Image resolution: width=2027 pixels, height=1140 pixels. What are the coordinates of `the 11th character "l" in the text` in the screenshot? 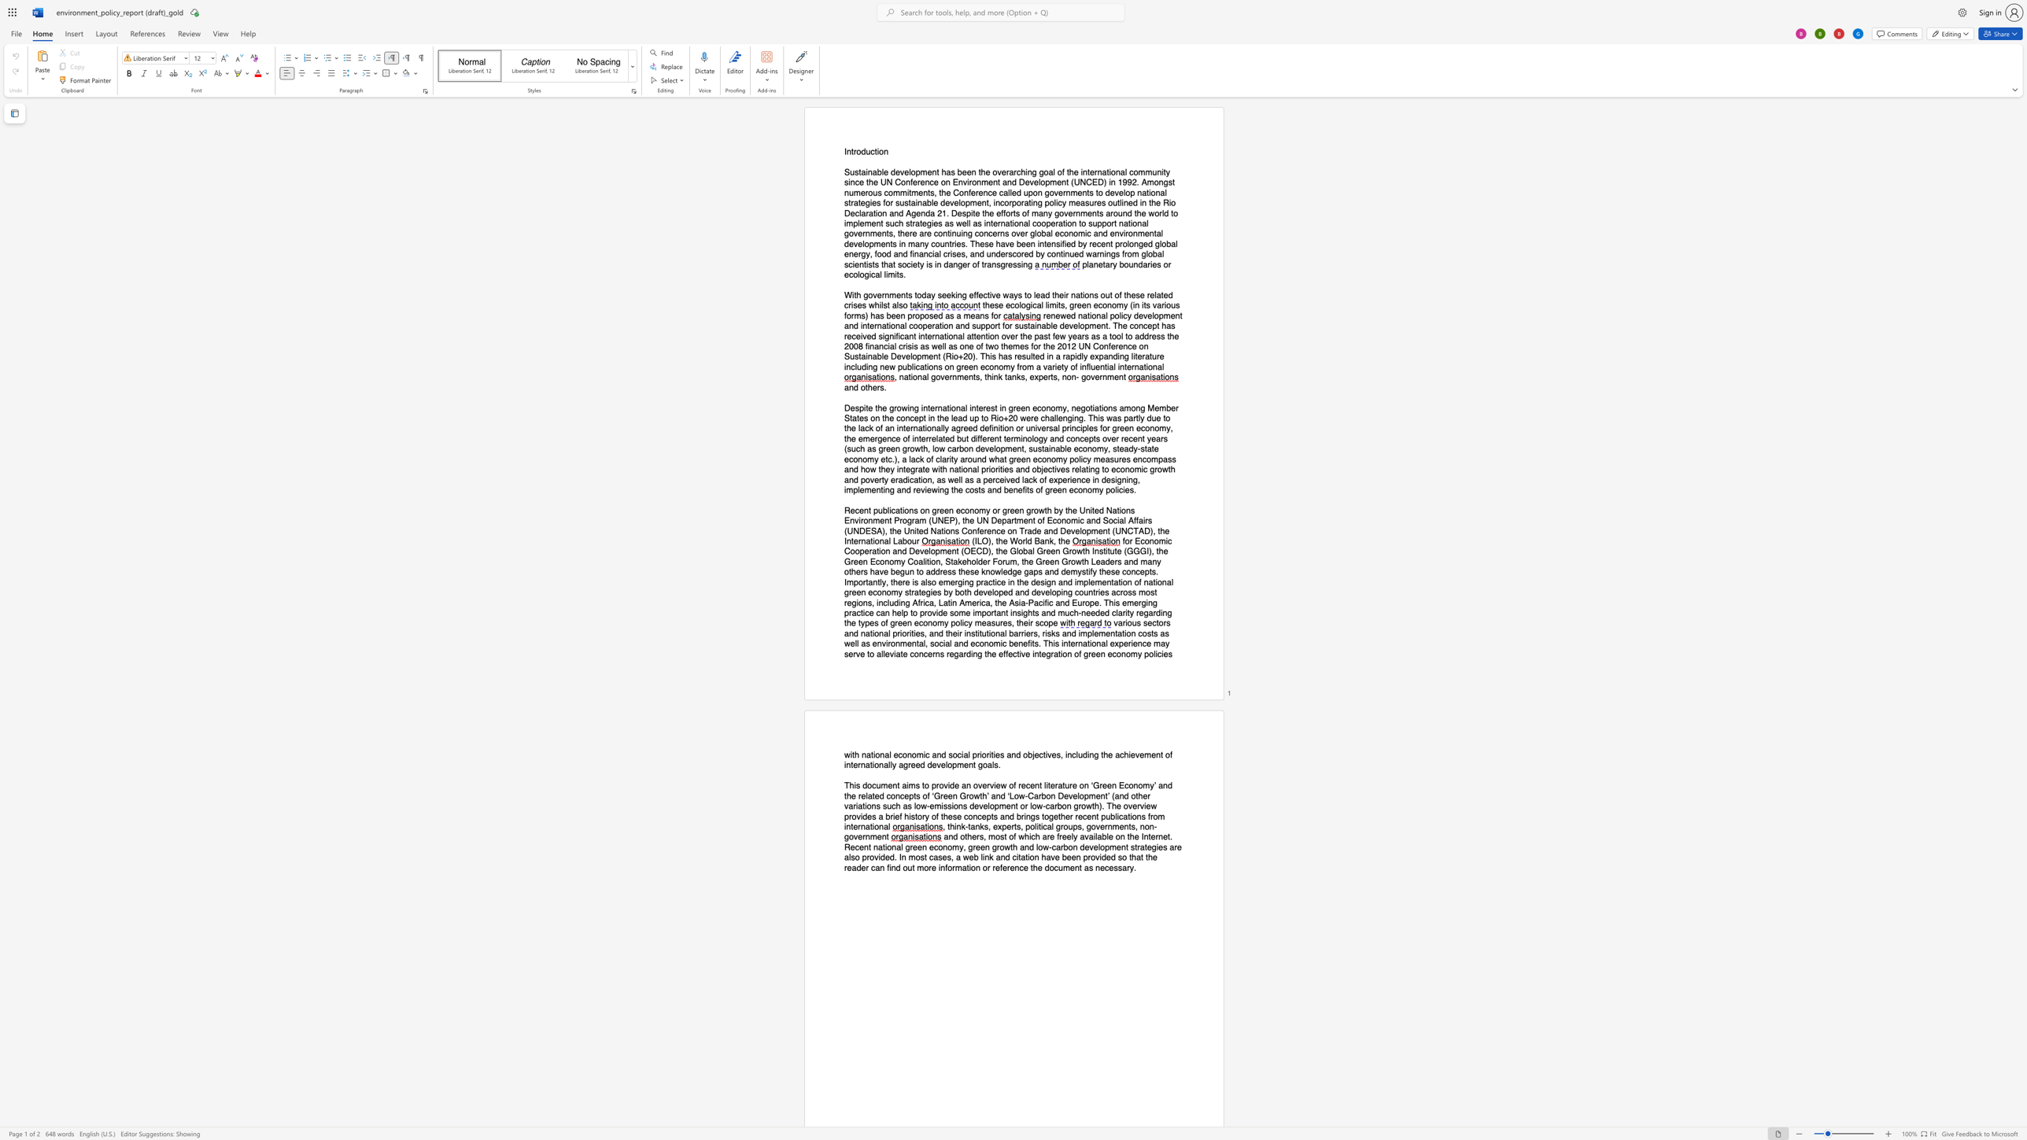 It's located at (937, 438).